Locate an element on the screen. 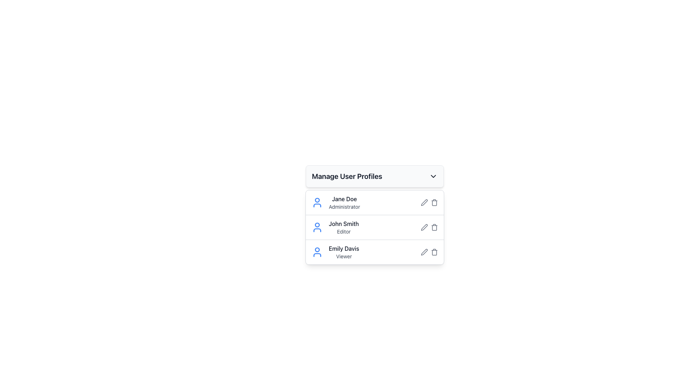 The width and height of the screenshot is (690, 388). the user profile entry displaying the name and role of the individual, which is the second item in the list view of user profiles is located at coordinates (343, 227).